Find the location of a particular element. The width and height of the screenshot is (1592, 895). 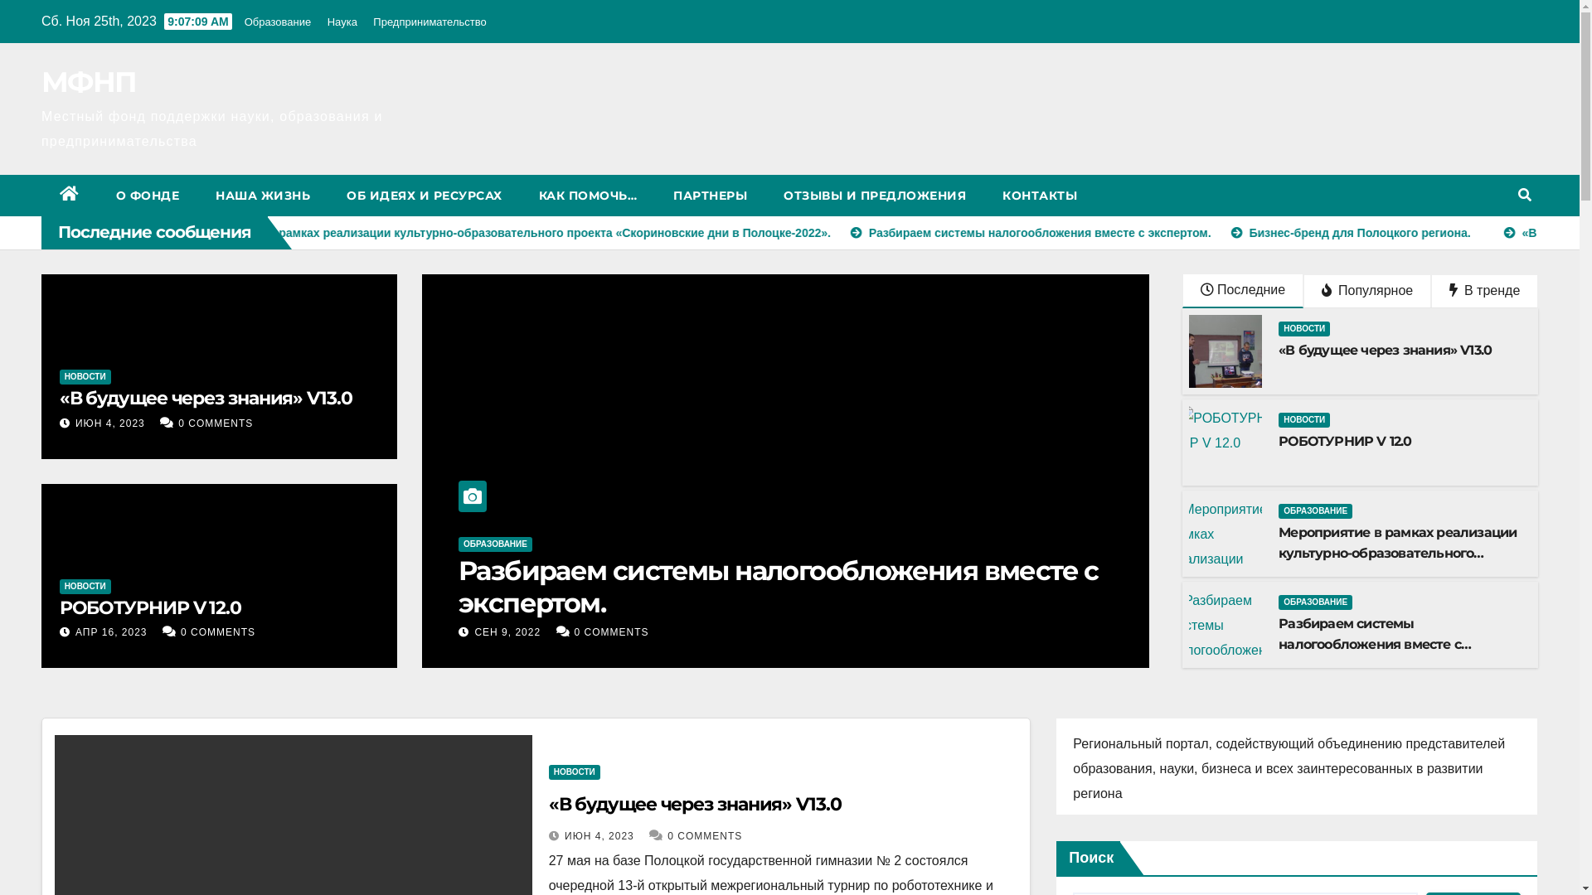

'0 COMMENTS' is located at coordinates (704, 836).